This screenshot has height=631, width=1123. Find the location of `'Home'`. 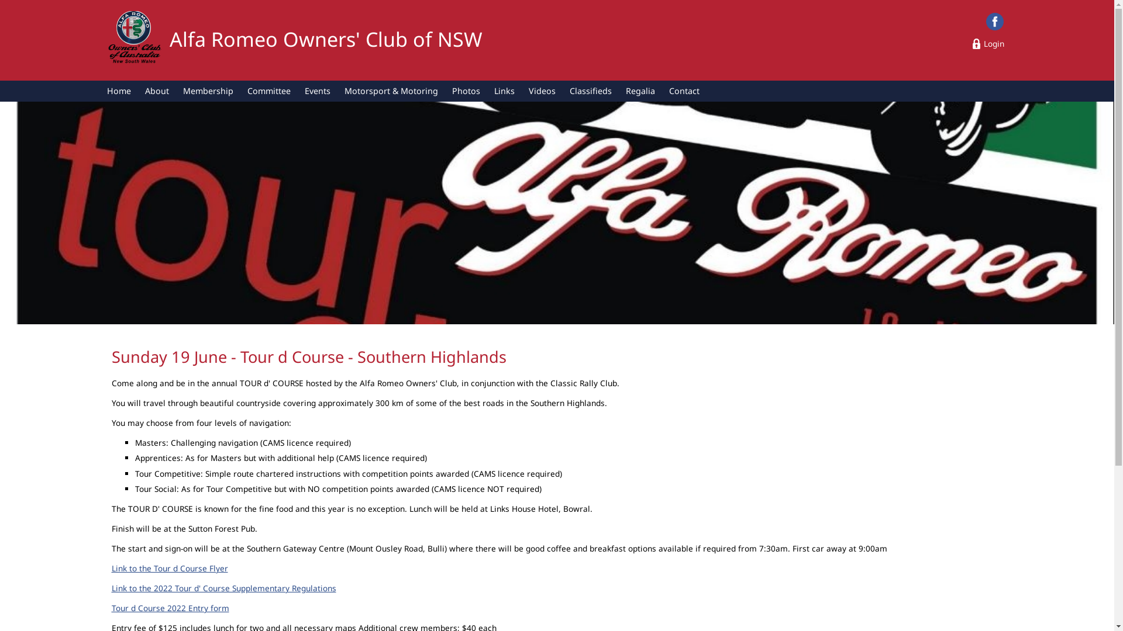

'Home' is located at coordinates (100, 90).